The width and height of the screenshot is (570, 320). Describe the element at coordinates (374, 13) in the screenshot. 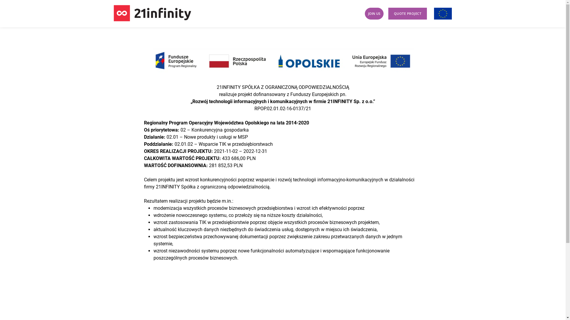

I see `'JOIN US'` at that location.